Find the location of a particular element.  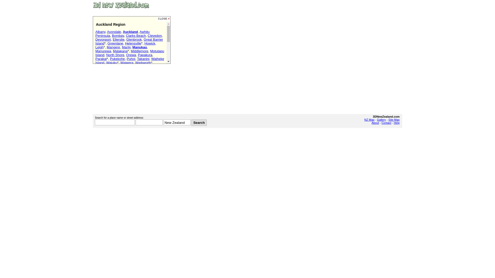

'Manly' is located at coordinates (126, 47).